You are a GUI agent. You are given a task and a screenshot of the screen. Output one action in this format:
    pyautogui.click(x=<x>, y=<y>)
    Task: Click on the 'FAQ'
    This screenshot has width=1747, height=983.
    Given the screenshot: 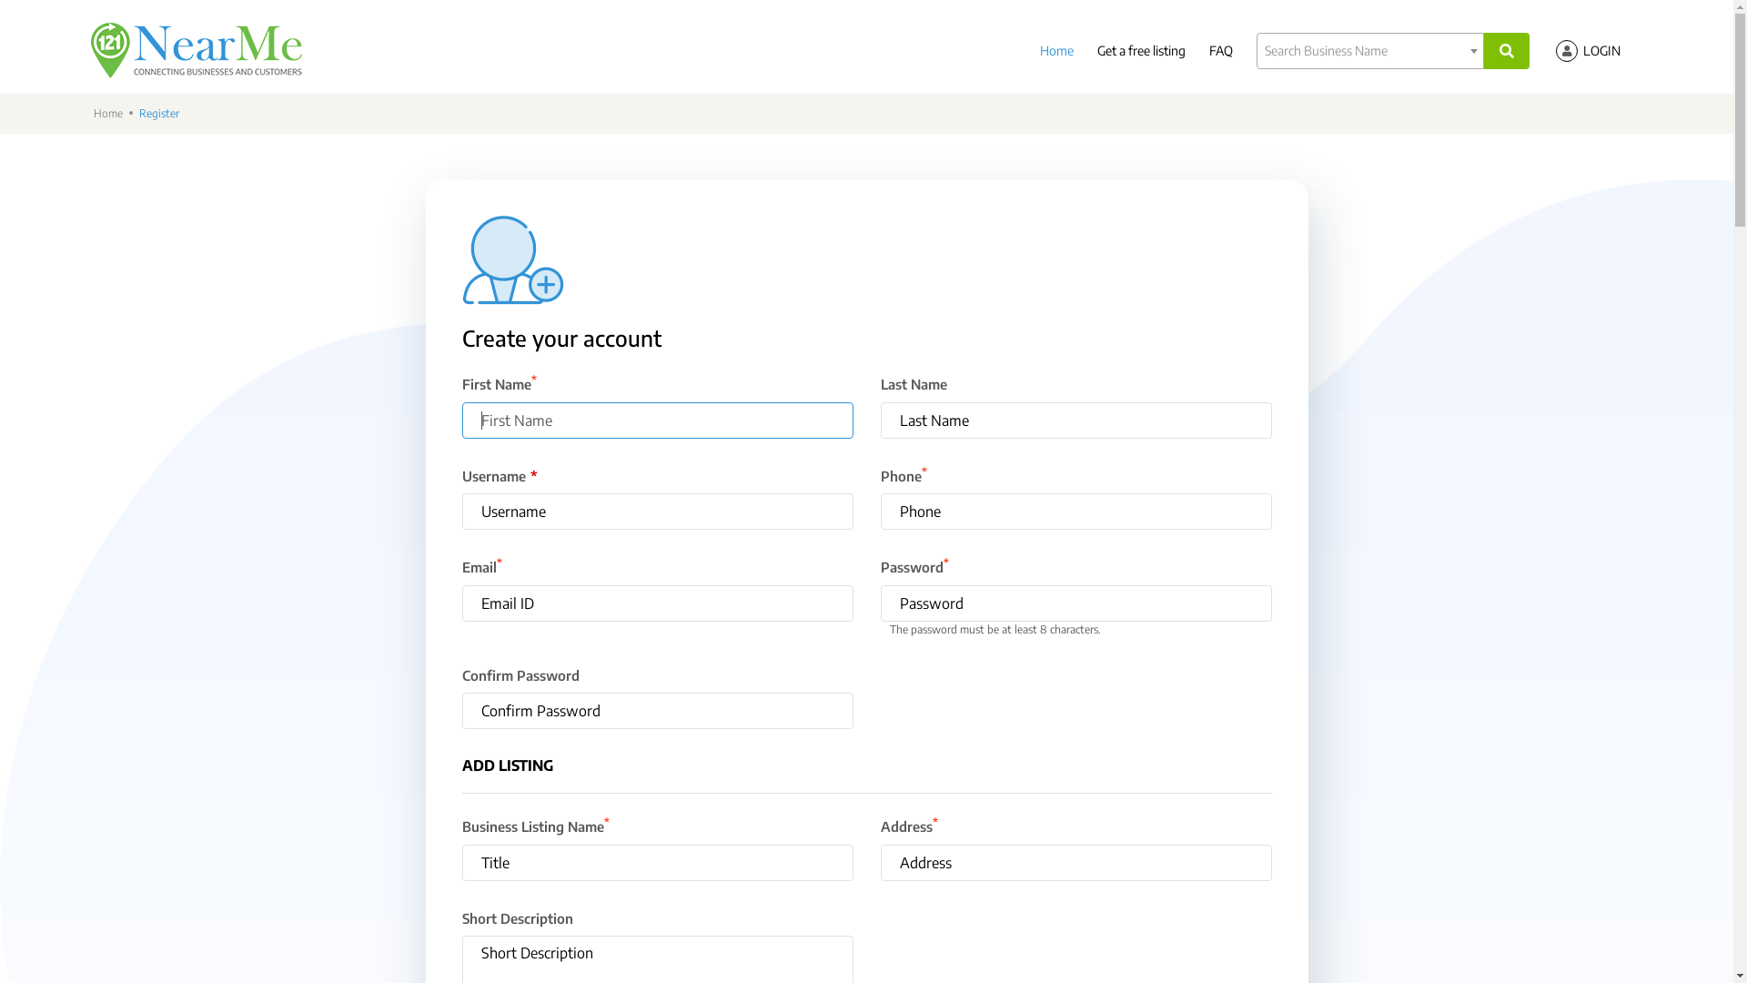 What is the action you would take?
    pyautogui.click(x=1221, y=49)
    